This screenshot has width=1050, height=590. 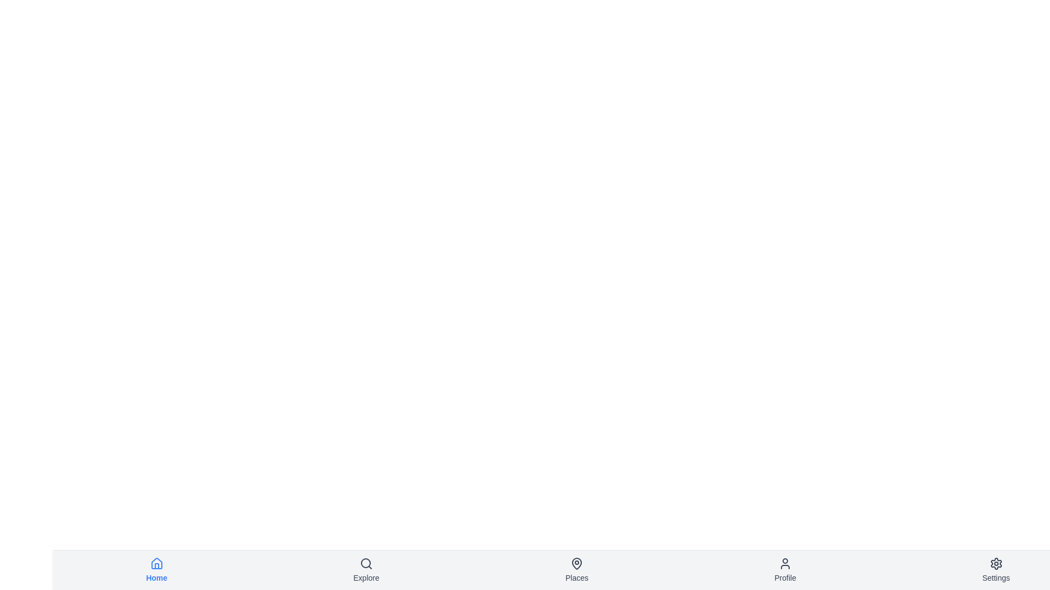 I want to click on the navigation item labeled Explore, so click(x=366, y=570).